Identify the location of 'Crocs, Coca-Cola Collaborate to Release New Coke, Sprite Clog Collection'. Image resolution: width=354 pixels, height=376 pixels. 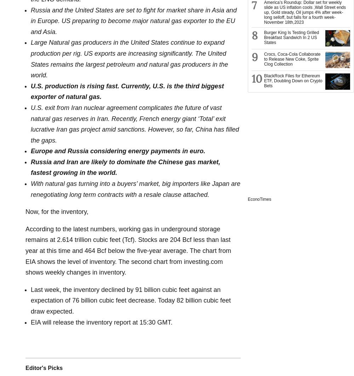
(292, 59).